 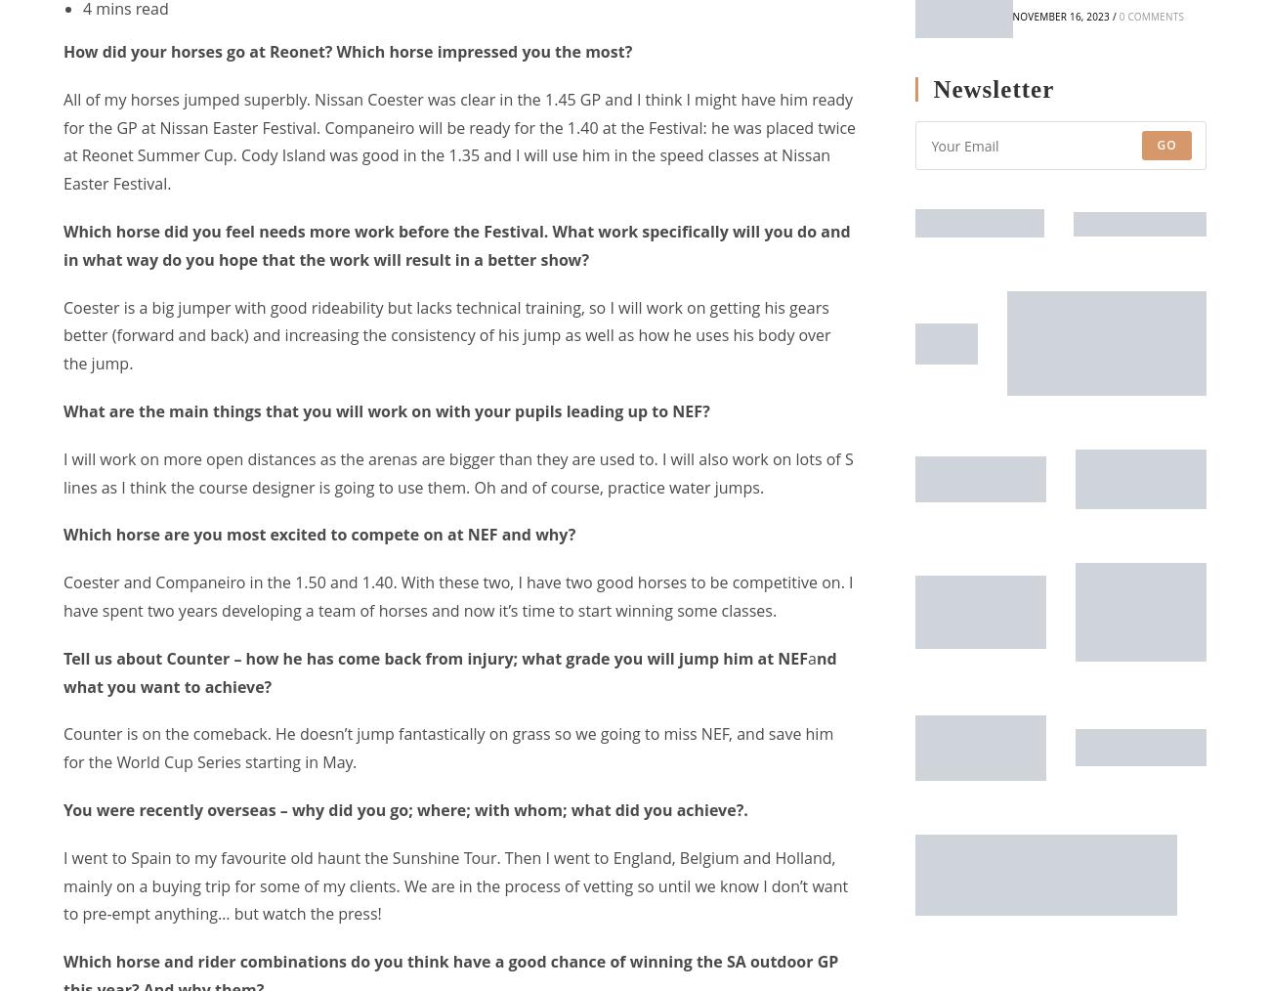 I want to click on 'You were recently overseas – why did you go; where; with whom; what did you achieve?.', so click(x=404, y=809).